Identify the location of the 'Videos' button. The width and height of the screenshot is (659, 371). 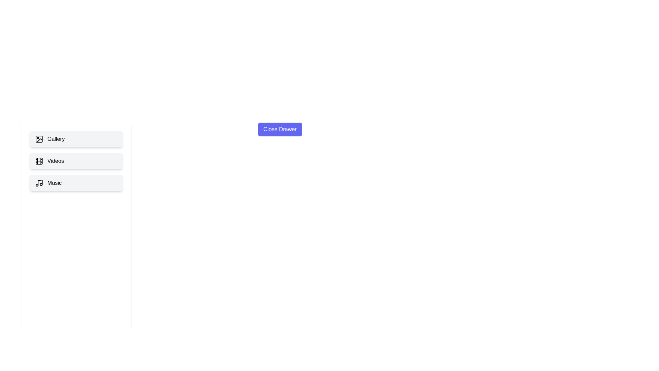
(76, 161).